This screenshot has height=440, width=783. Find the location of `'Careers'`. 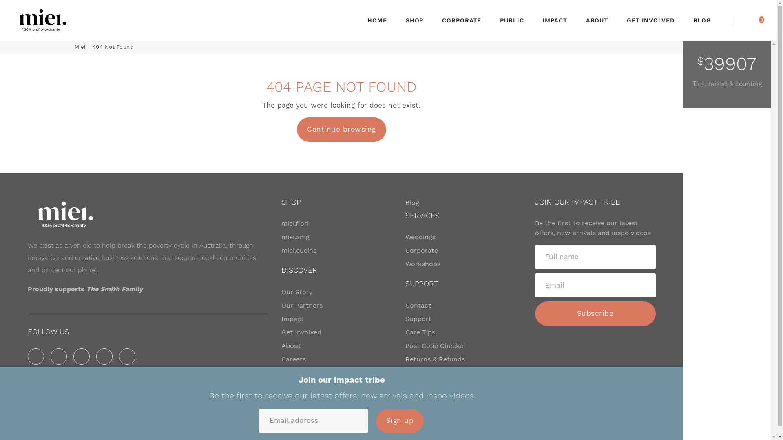

'Careers' is located at coordinates (294, 359).